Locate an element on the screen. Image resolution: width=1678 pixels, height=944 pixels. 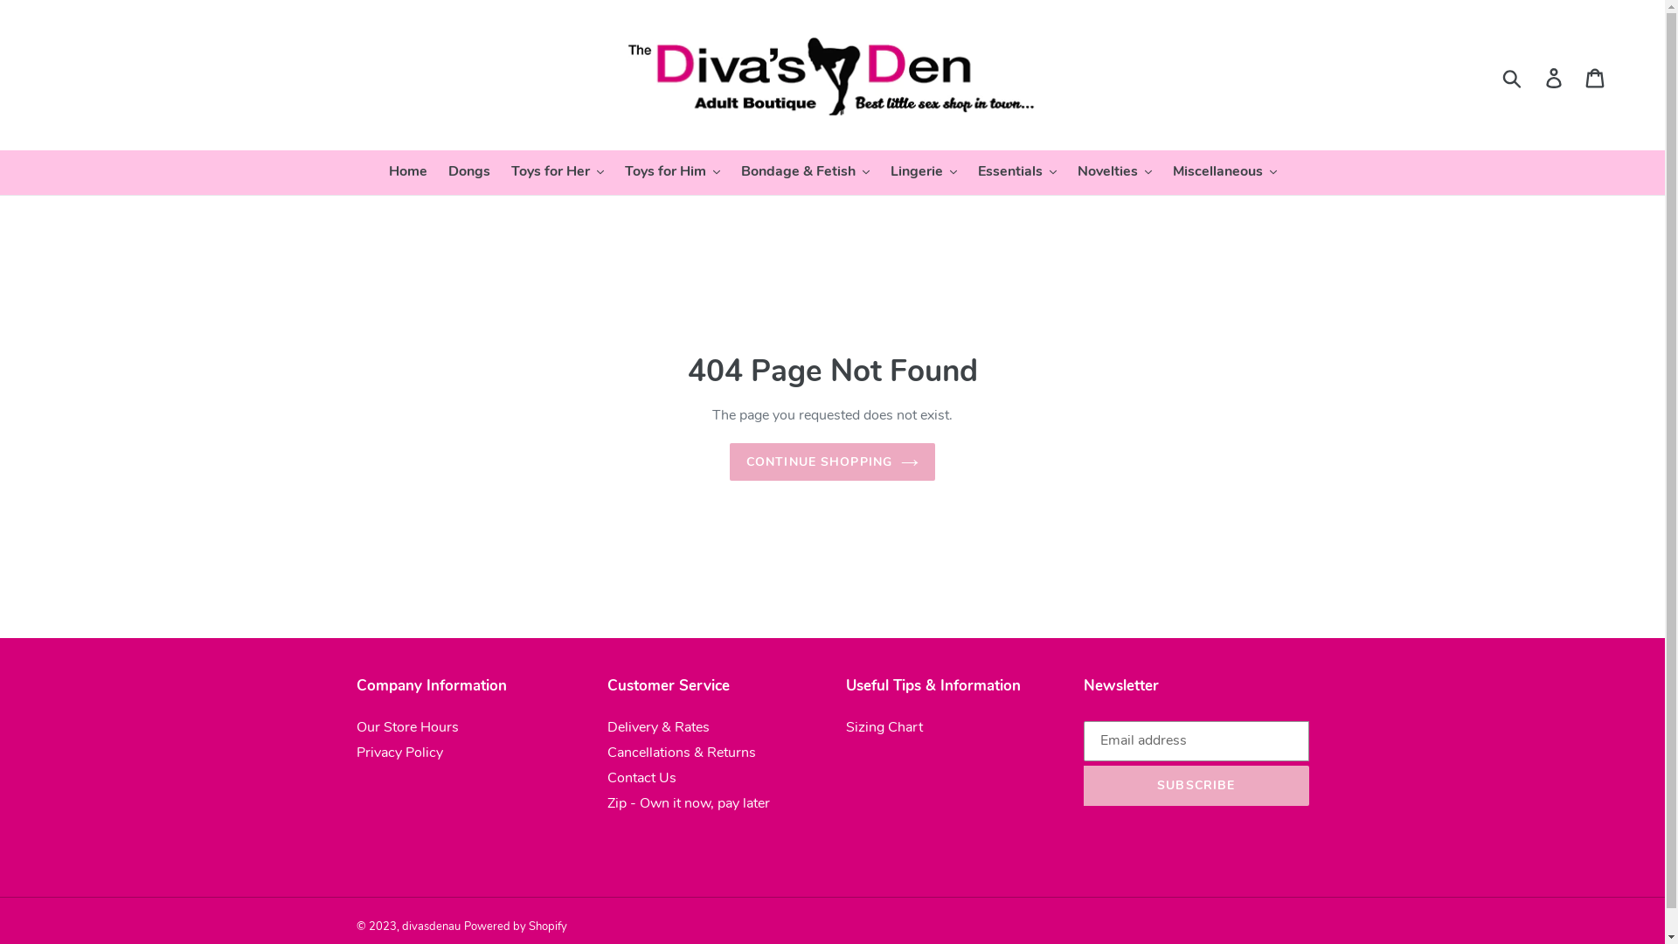
'SUBSCRIBE' is located at coordinates (1195, 785).